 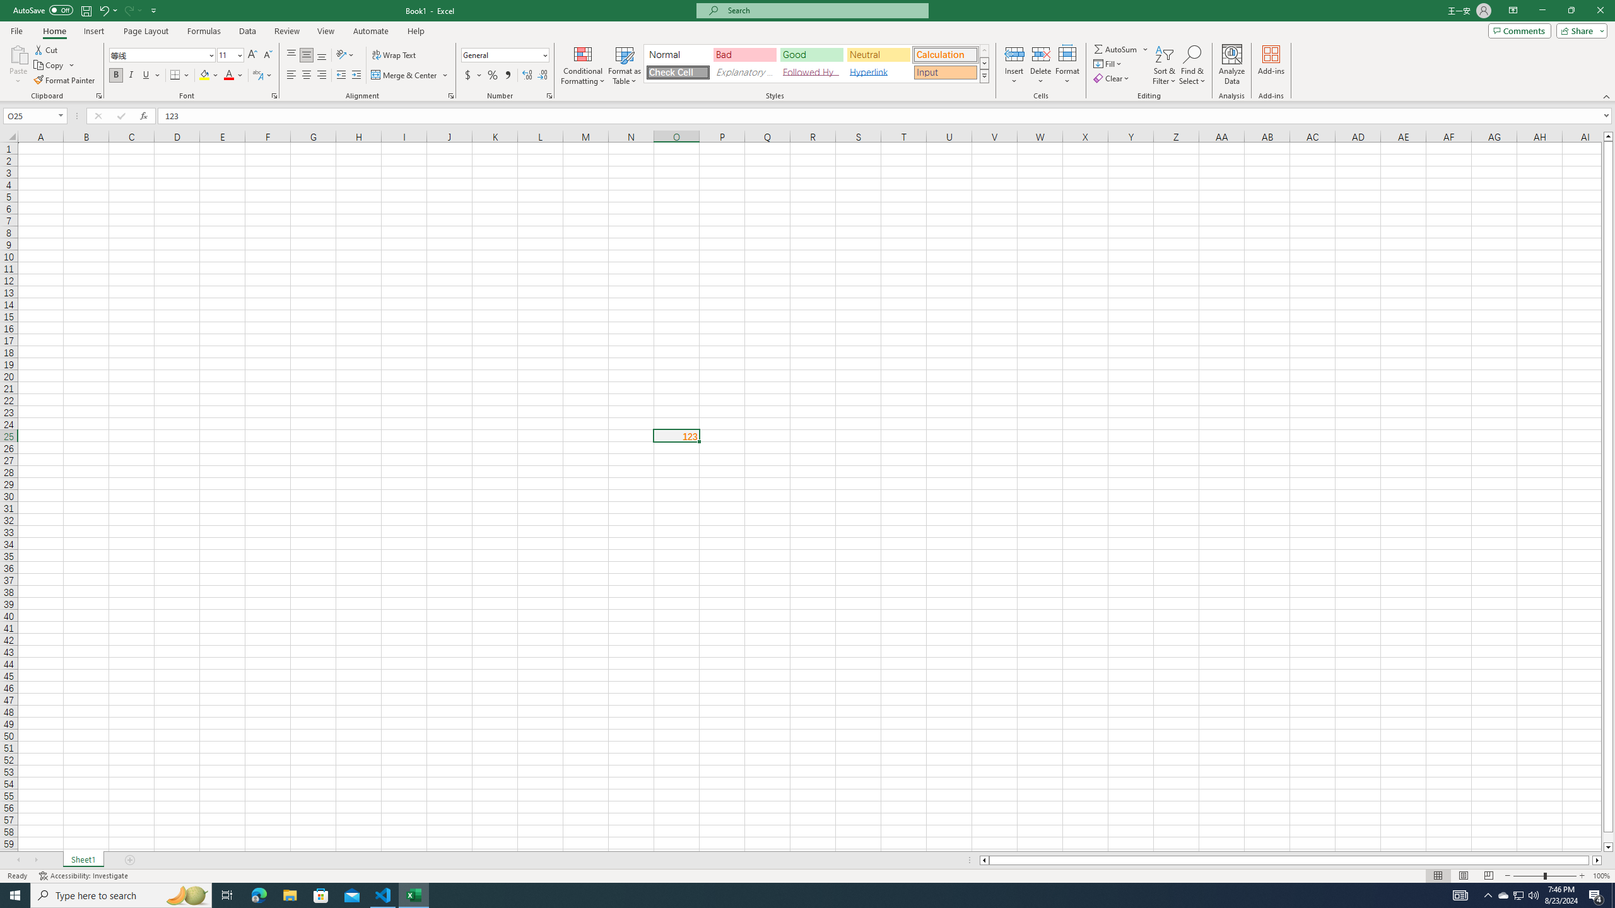 What do you see at coordinates (1192, 65) in the screenshot?
I see `'Find & Select'` at bounding box center [1192, 65].